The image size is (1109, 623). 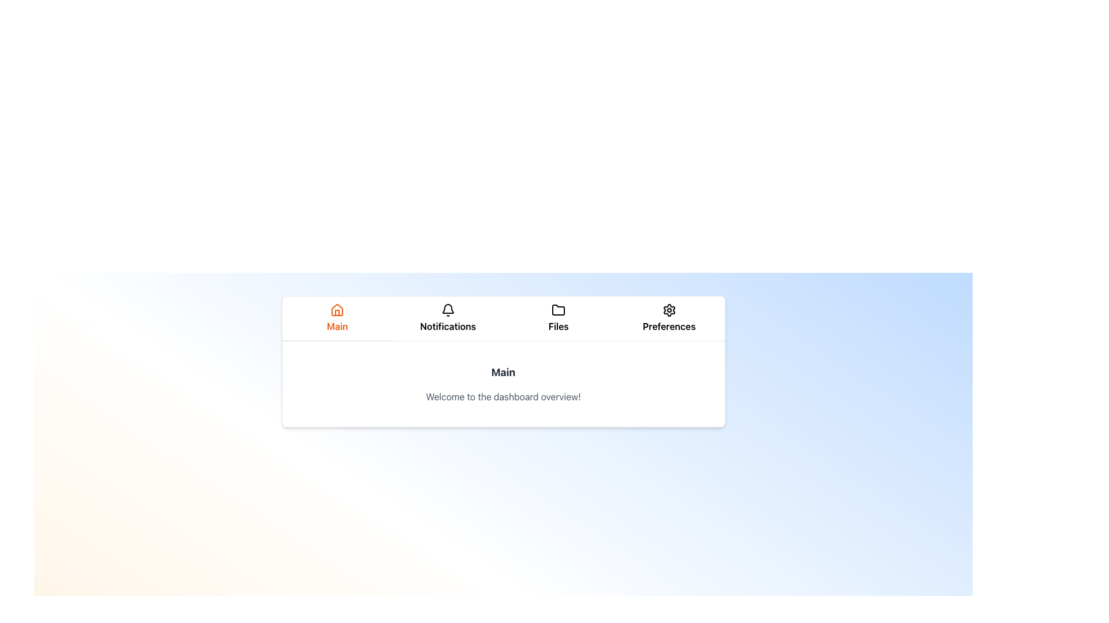 What do you see at coordinates (337, 309) in the screenshot?
I see `the orange house-shaped icon in the navigation bar above the 'Main' label` at bounding box center [337, 309].